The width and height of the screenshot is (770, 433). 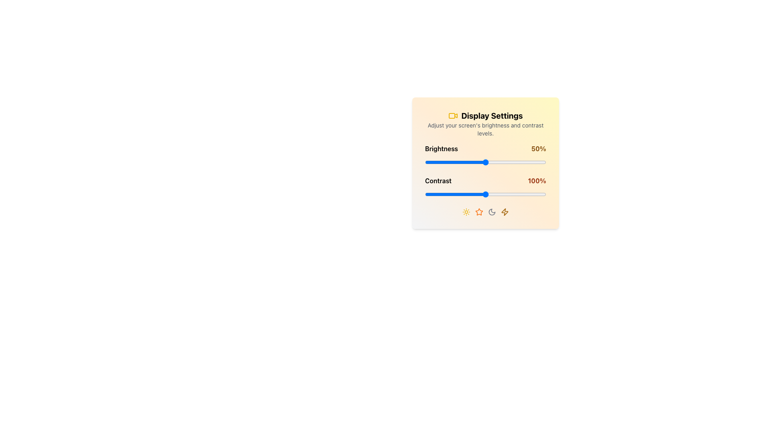 What do you see at coordinates (537, 181) in the screenshot?
I see `the percentage indicator displaying '100%' in bold orange text located in the 'Contrast' control section, positioned to the right of the slider control and the sibling text 'Contrast'` at bounding box center [537, 181].